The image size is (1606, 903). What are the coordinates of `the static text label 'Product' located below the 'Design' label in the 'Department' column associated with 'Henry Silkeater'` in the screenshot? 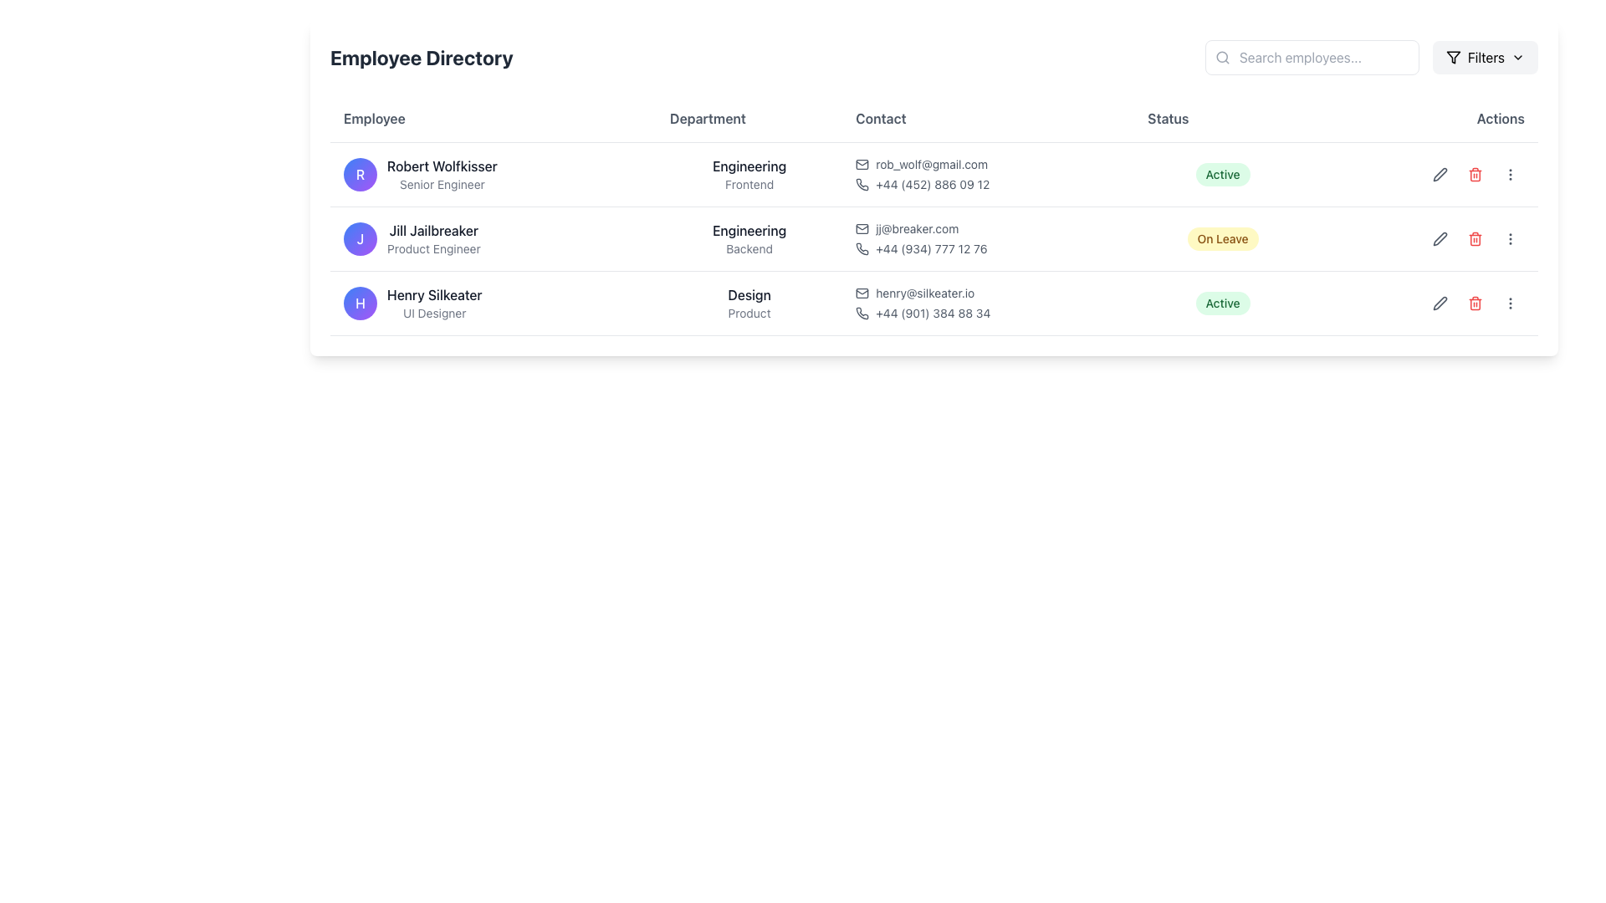 It's located at (749, 313).